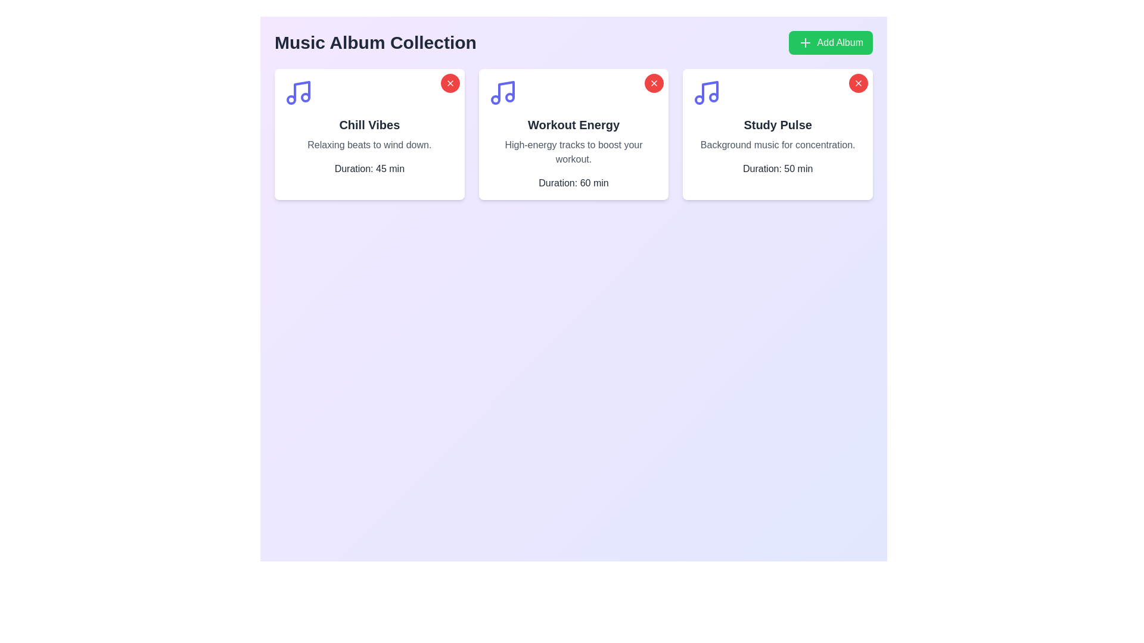 This screenshot has height=643, width=1144. Describe the element at coordinates (858, 82) in the screenshot. I see `the third circular button in the top-right corner of the 'Study Pulse' card` at that location.